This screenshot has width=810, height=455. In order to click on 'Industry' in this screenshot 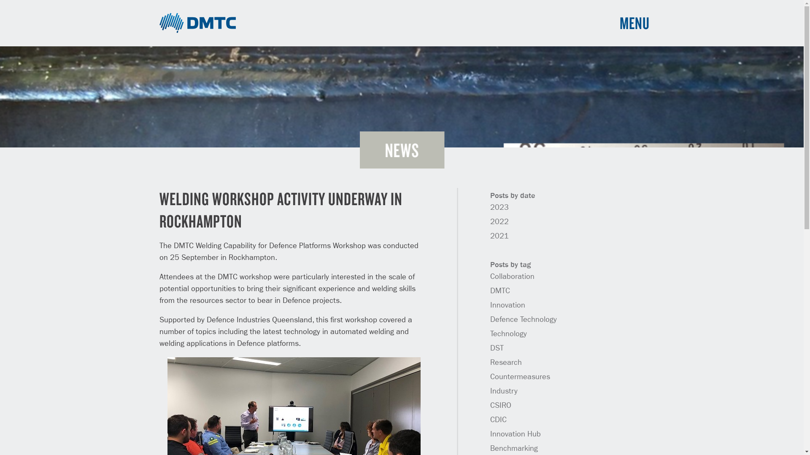, I will do `click(504, 391)`.